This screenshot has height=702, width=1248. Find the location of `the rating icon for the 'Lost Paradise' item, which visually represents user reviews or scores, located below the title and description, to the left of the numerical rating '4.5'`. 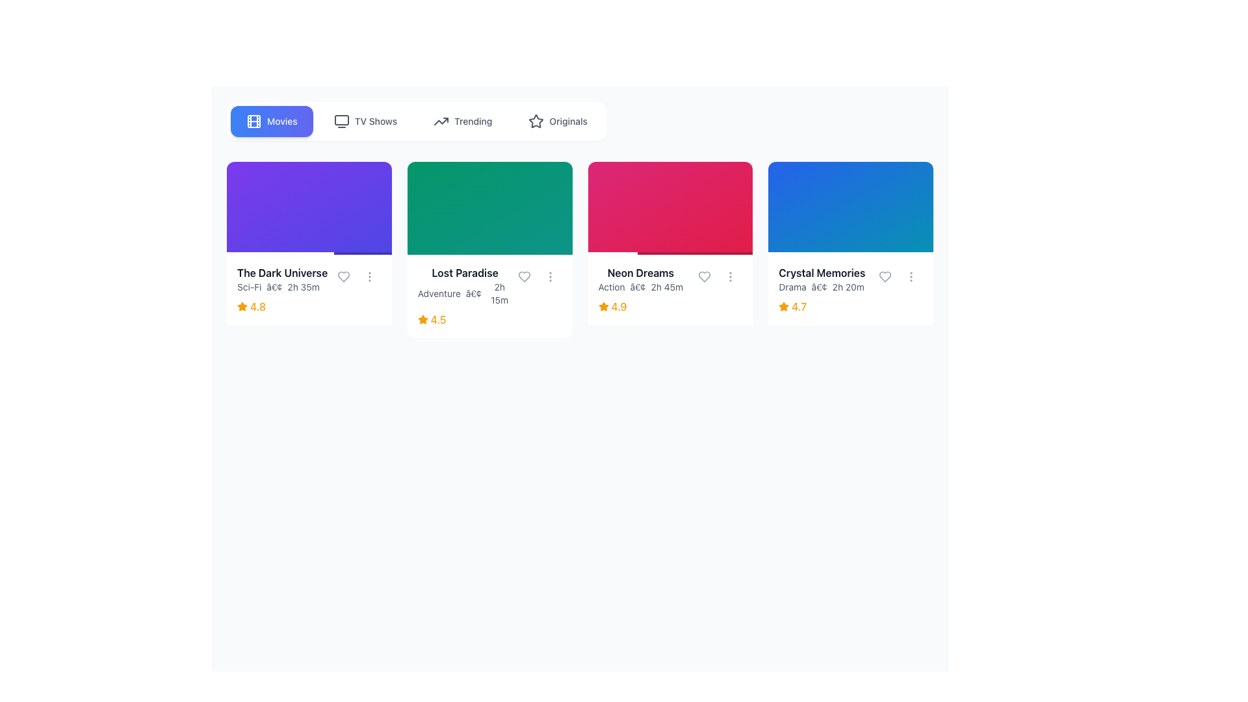

the rating icon for the 'Lost Paradise' item, which visually represents user reviews or scores, located below the title and description, to the left of the numerical rating '4.5' is located at coordinates (422, 319).